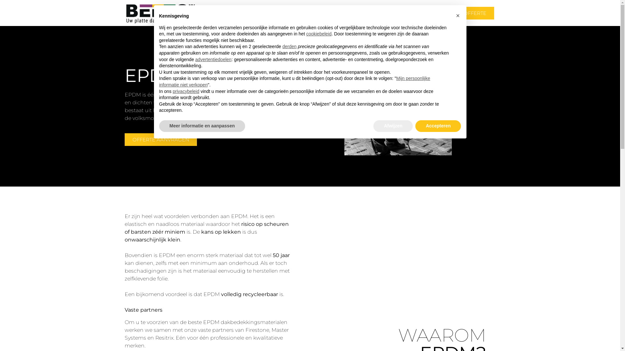  I want to click on 'cookiebeleid', so click(319, 34).